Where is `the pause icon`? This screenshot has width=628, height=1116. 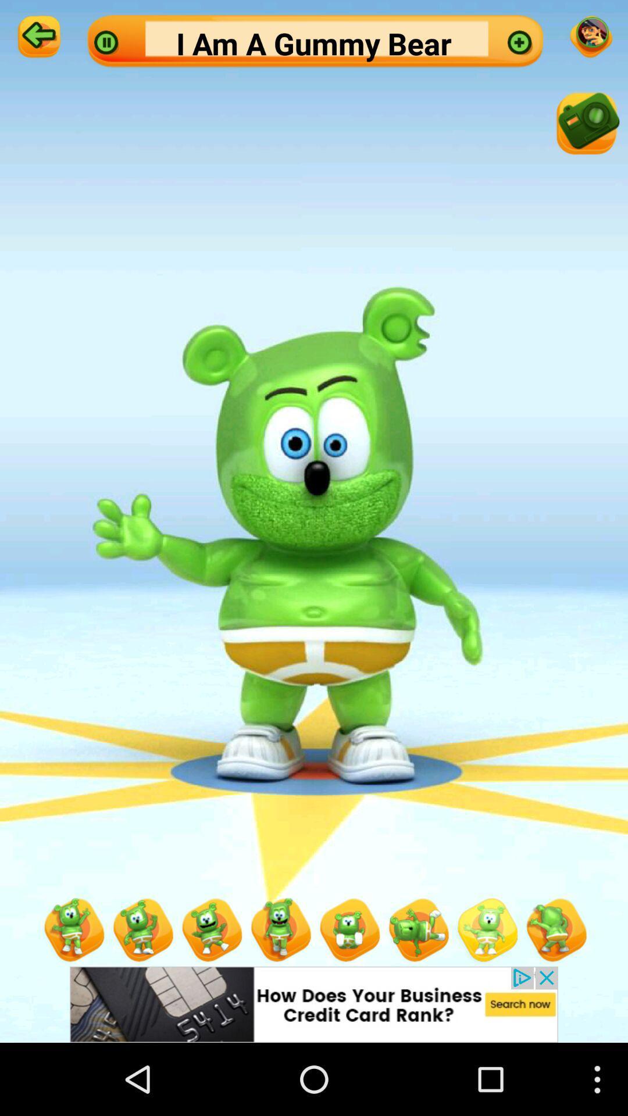 the pause icon is located at coordinates (107, 48).